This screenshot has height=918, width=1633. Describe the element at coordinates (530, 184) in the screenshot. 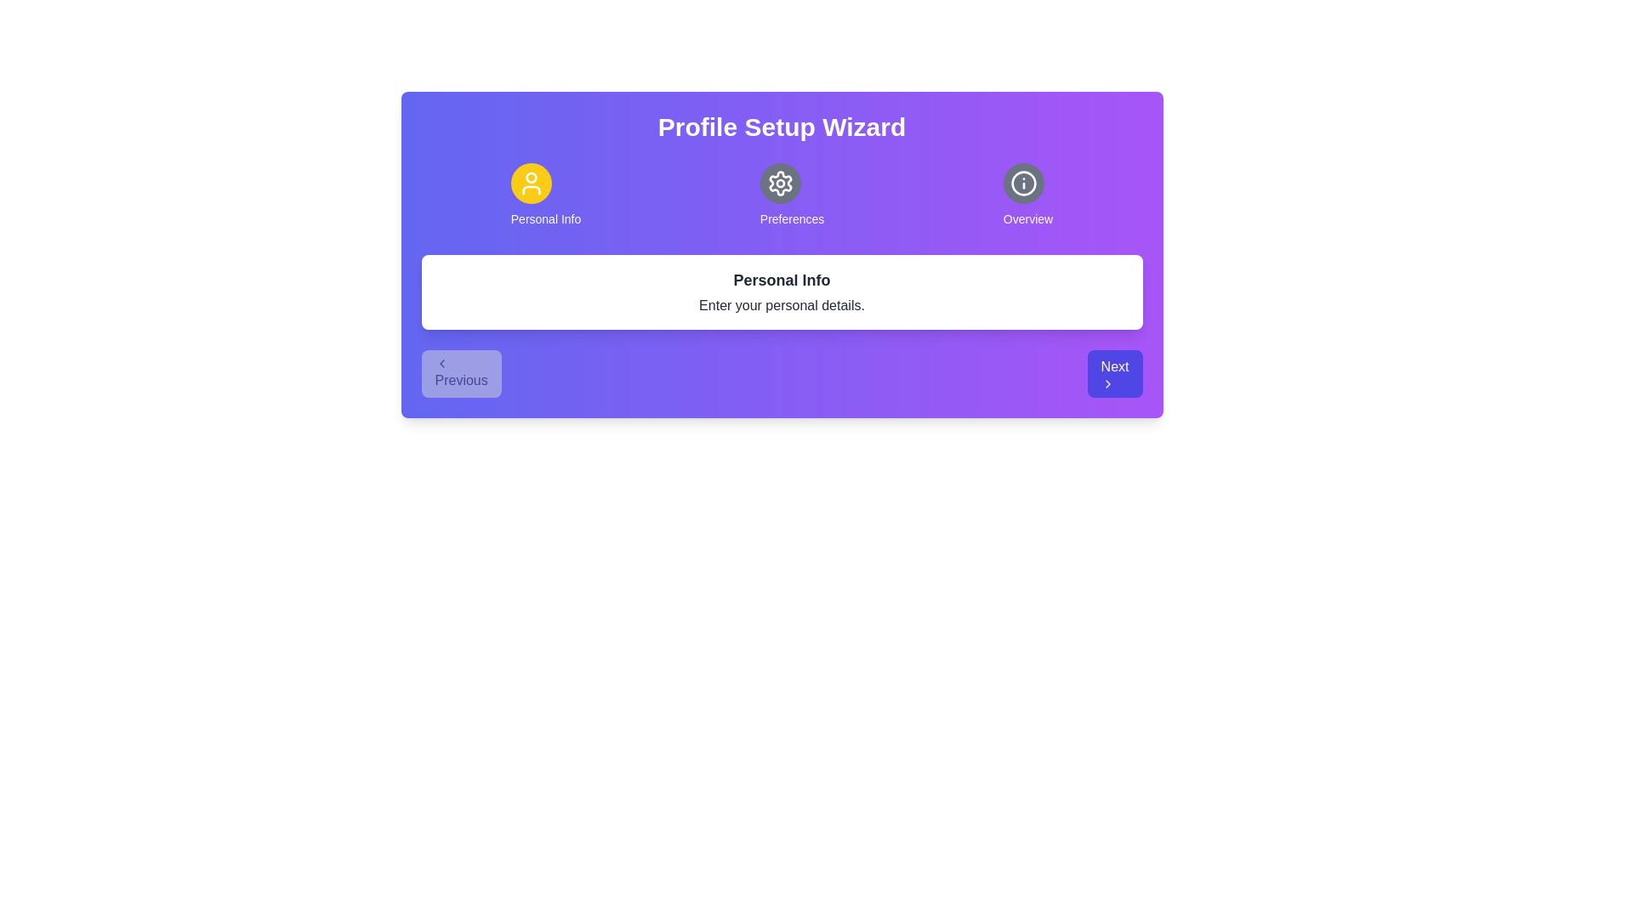

I see `the icon representing Personal Info to explore its hover effects or tooltips` at that location.